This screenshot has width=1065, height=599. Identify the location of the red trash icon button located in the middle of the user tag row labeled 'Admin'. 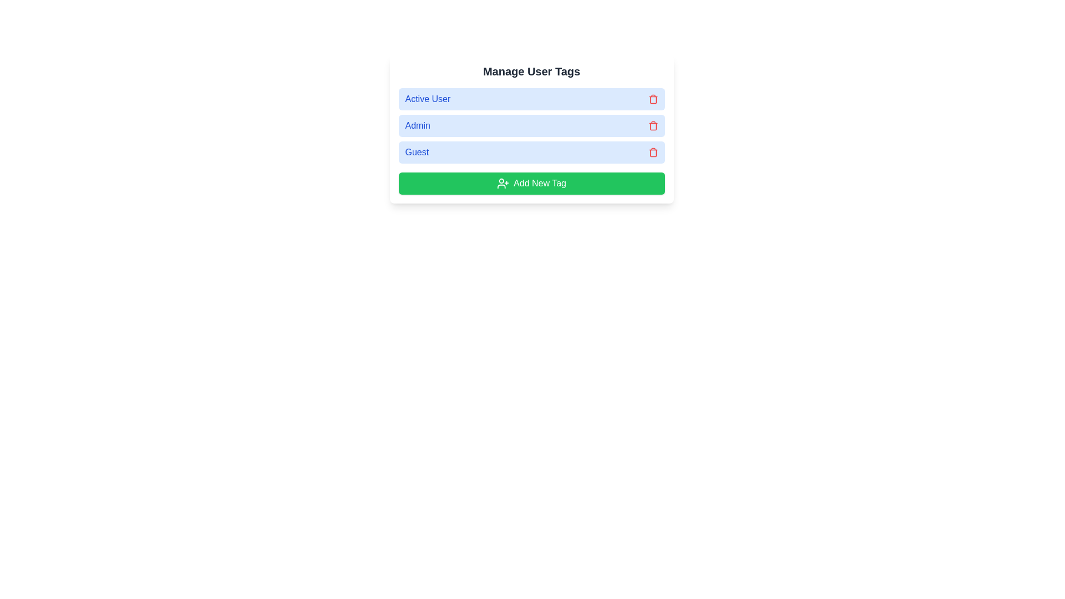
(653, 125).